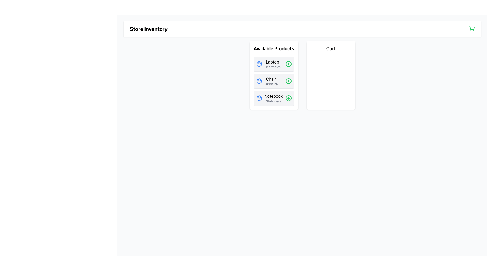 The image size is (498, 280). Describe the element at coordinates (288, 81) in the screenshot. I see `the button that adds the 'Chair/Furniture' item to the cart for tooltip or visual feedback` at that location.